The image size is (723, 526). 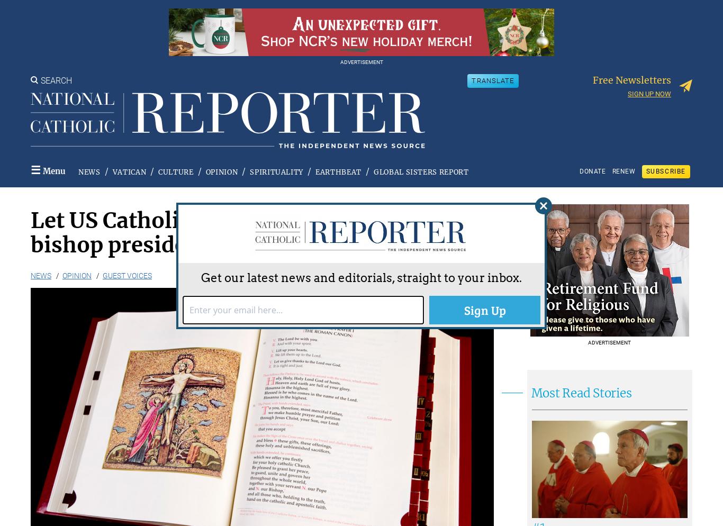 I want to click on 'News', so click(x=41, y=275).